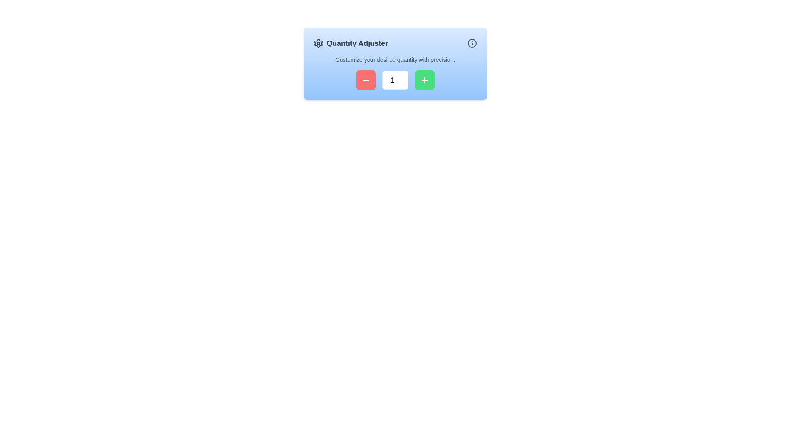  What do you see at coordinates (351, 43) in the screenshot?
I see `the text label indicating the functionality of the panel related to adjusting or setting quantities, which is positioned at the top-left section of the blue panel` at bounding box center [351, 43].